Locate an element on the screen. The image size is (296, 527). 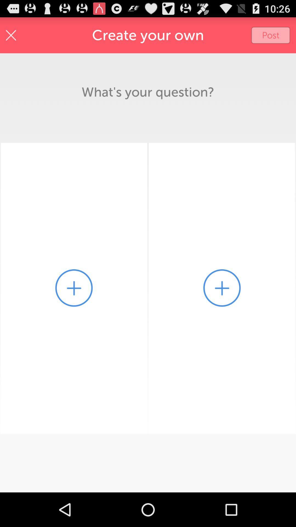
the close icon is located at coordinates (11, 37).